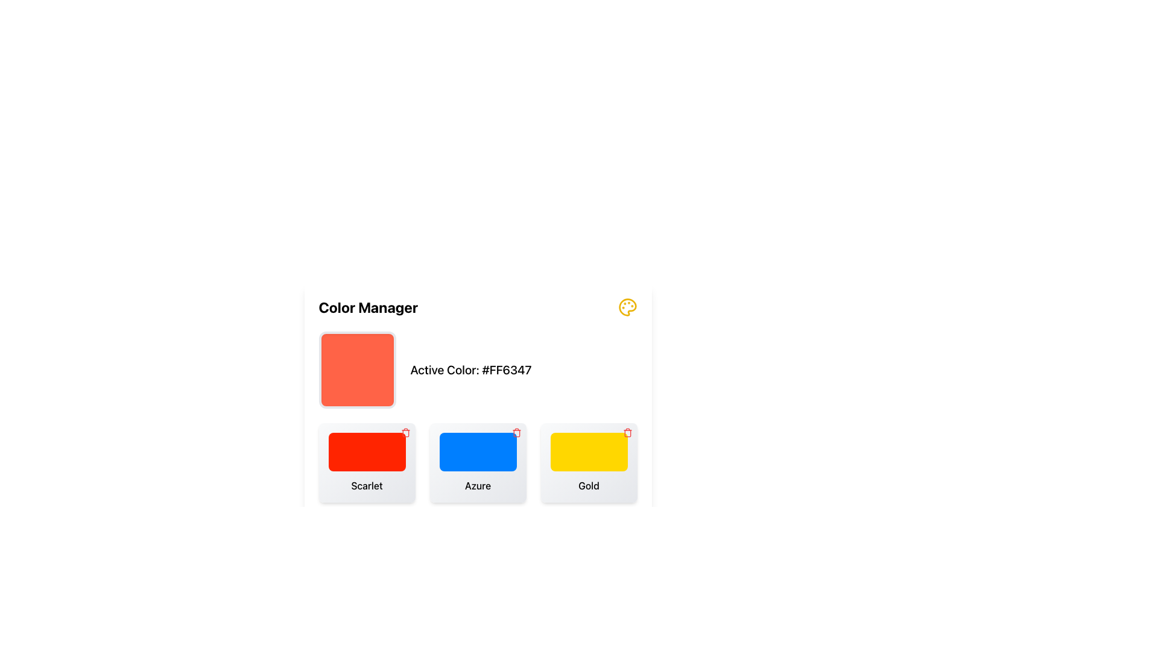 Image resolution: width=1158 pixels, height=651 pixels. I want to click on the Text label indicating the purpose of the color management interface, located in the upper-left portion of the panel, so click(367, 306).